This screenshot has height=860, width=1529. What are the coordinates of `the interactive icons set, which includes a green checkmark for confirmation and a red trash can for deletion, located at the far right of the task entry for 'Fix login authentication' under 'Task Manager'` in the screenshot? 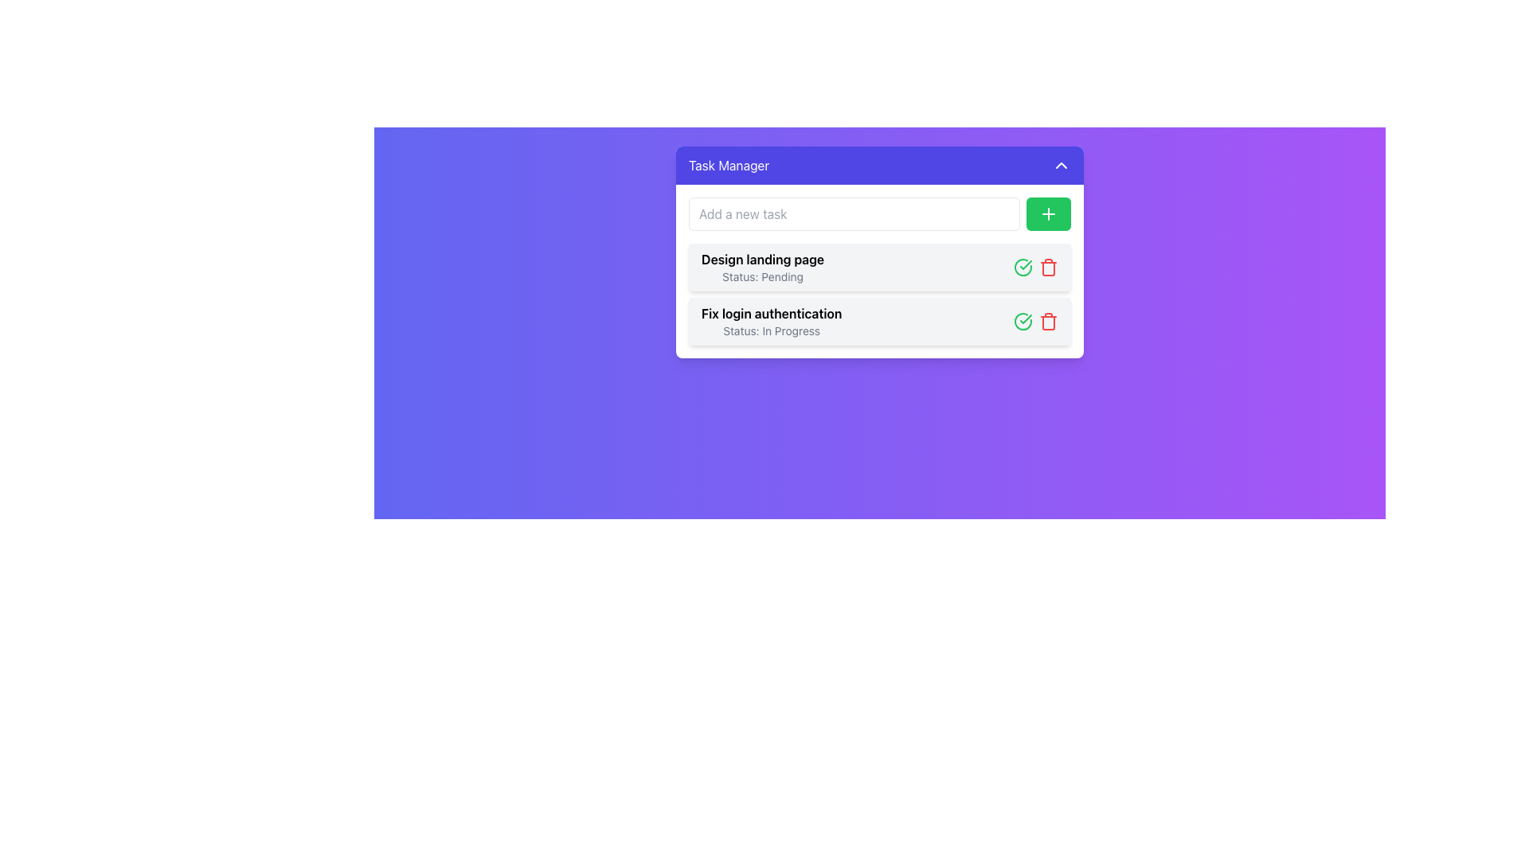 It's located at (1035, 322).